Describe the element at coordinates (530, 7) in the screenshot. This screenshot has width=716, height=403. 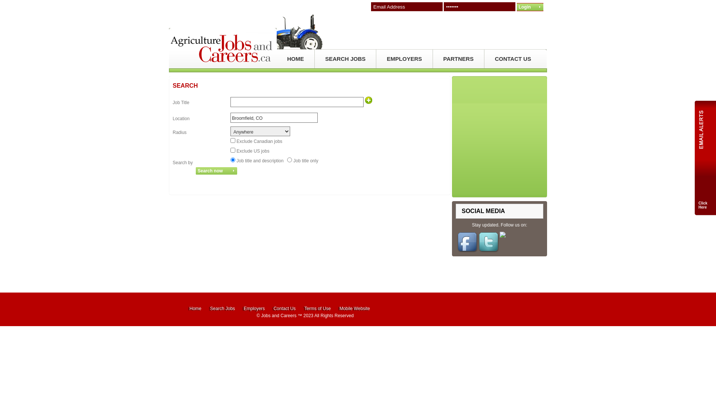
I see `'Login'` at that location.